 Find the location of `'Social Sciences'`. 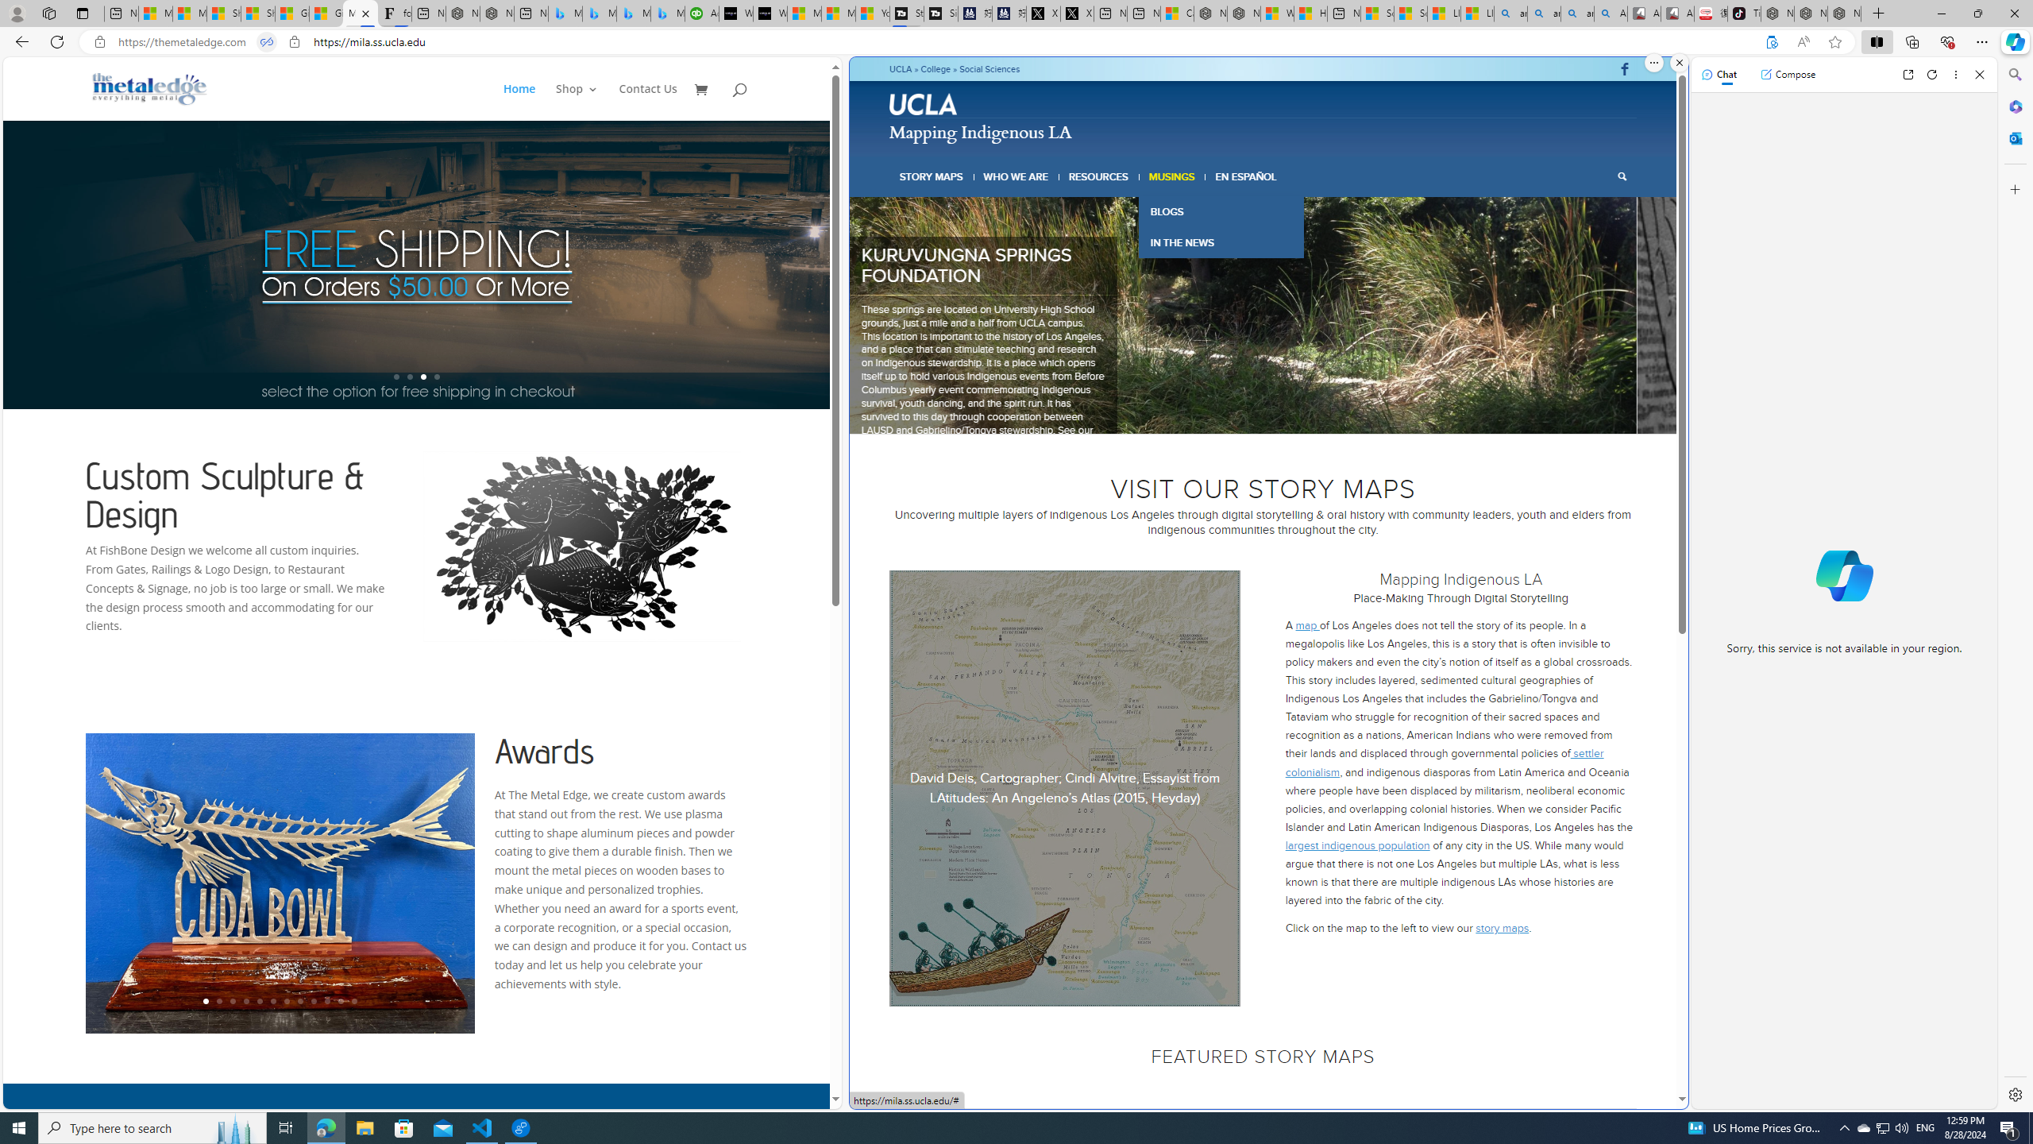

'Social Sciences' is located at coordinates (989, 69).